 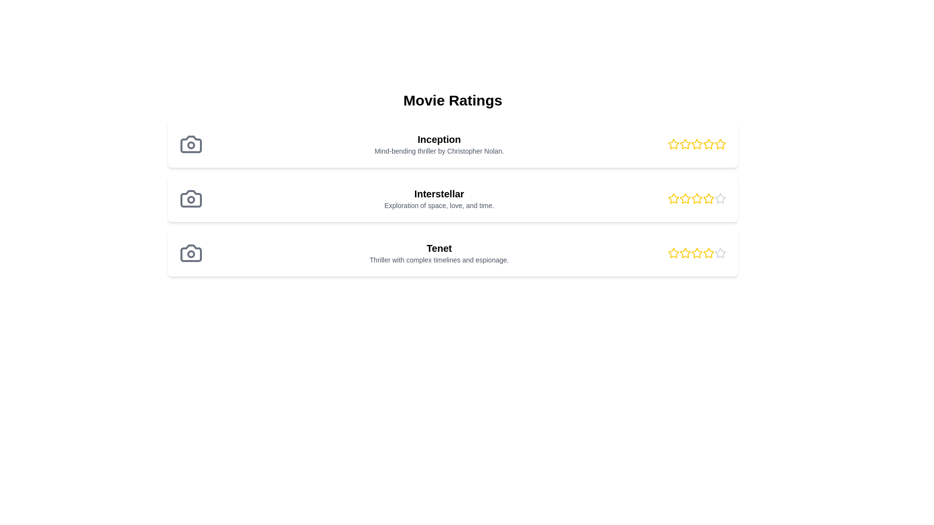 I want to click on the small circular shape that represents the lens of the second camera icon in the vertical list, located to the left of the entry labeled 'Interstellar', so click(x=191, y=199).